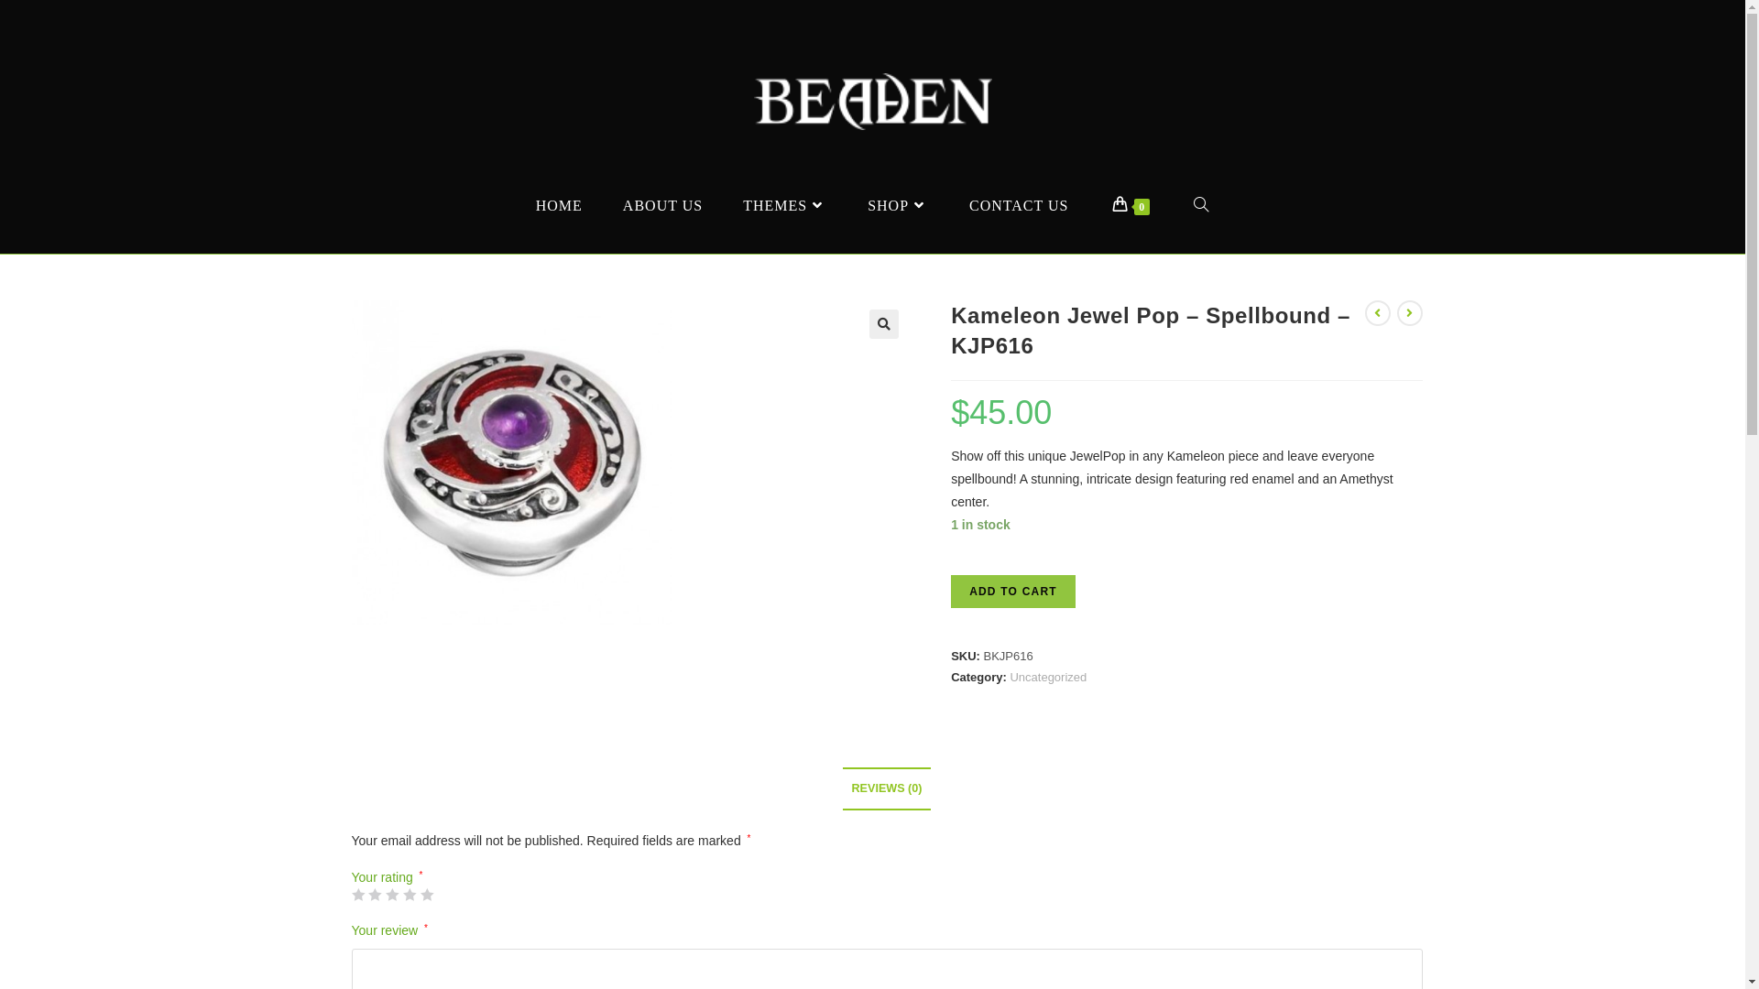  Describe the element at coordinates (661, 205) in the screenshot. I see `'ABOUT US'` at that location.